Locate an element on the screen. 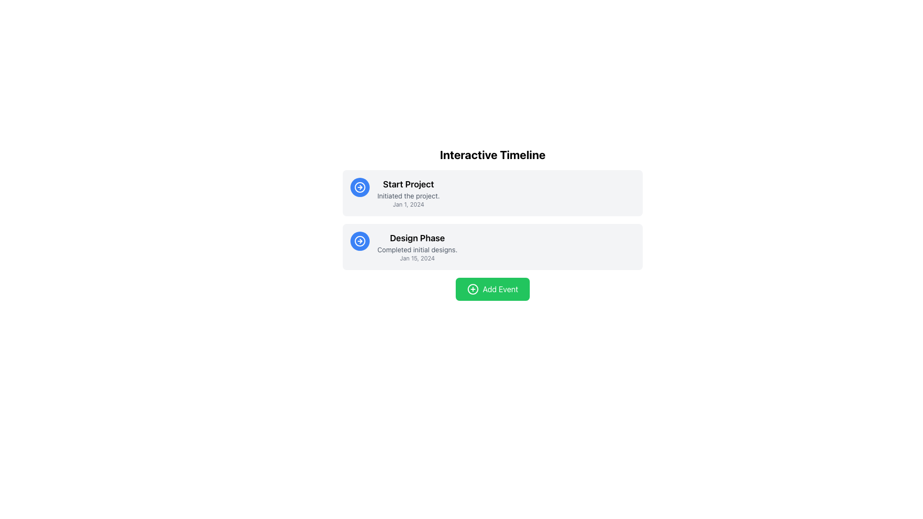  the circular blue icon with a rightward arrow in white, encircled by a white outline, located in the top-left corner of the first timeline entry labeled 'Start Project' is located at coordinates (359, 240).